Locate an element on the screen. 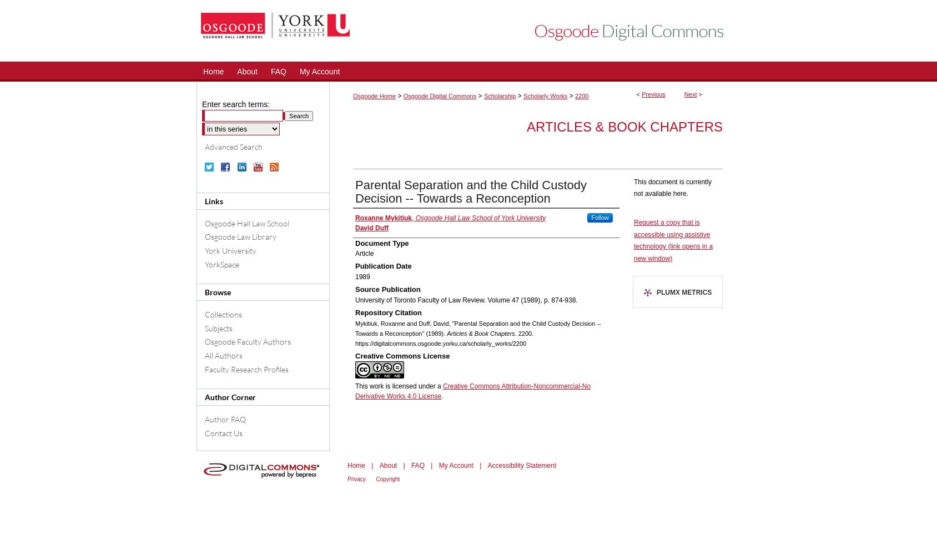  'Scholarship' is located at coordinates (483, 96).